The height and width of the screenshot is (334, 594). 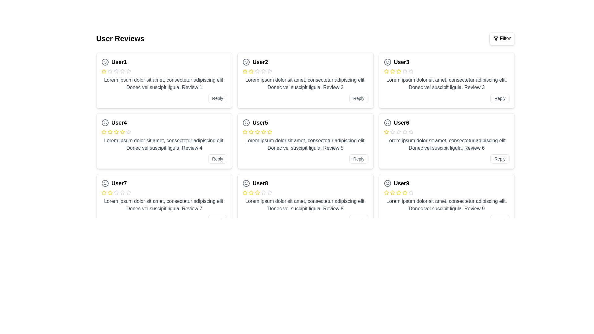 What do you see at coordinates (387, 183) in the screenshot?
I see `the decorative icon representing user status located to the left of 'User9' in the last card on the bottom right of the grid layout` at bounding box center [387, 183].